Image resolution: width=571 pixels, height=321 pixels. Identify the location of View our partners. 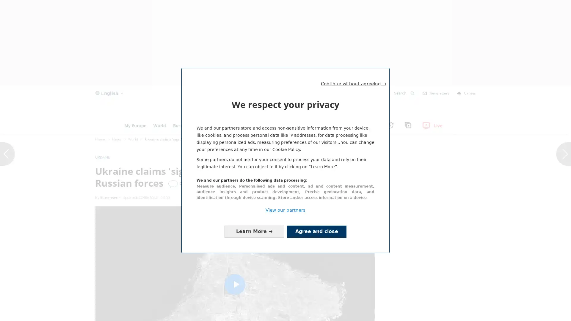
(285, 210).